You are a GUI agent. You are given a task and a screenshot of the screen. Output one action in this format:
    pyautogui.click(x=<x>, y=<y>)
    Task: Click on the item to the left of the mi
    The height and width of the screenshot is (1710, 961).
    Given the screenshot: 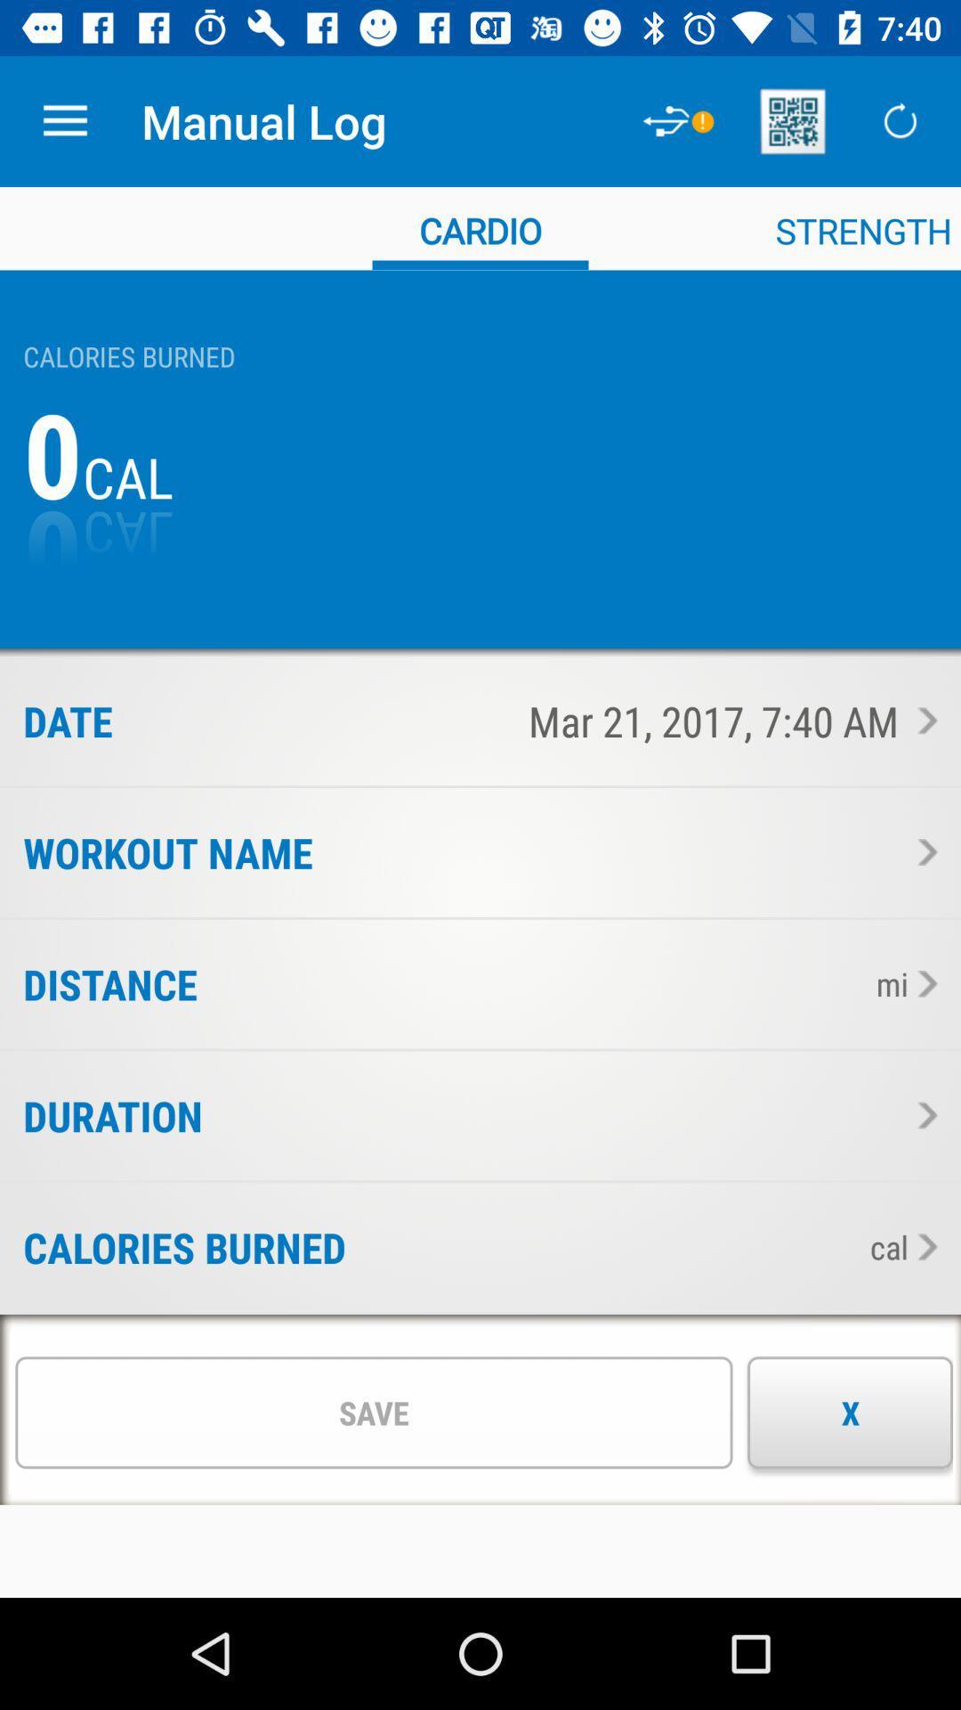 What is the action you would take?
    pyautogui.click(x=529, y=983)
    